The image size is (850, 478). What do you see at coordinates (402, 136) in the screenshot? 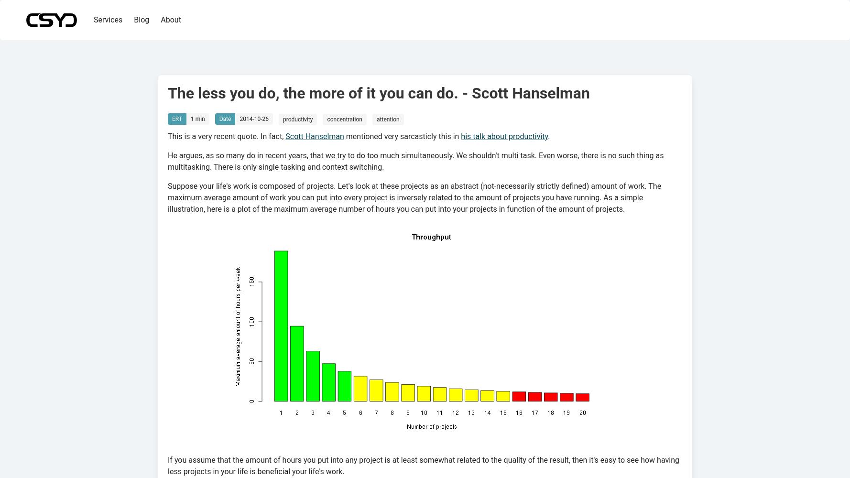
I see `'mentioned very sarcasticly this in'` at bounding box center [402, 136].